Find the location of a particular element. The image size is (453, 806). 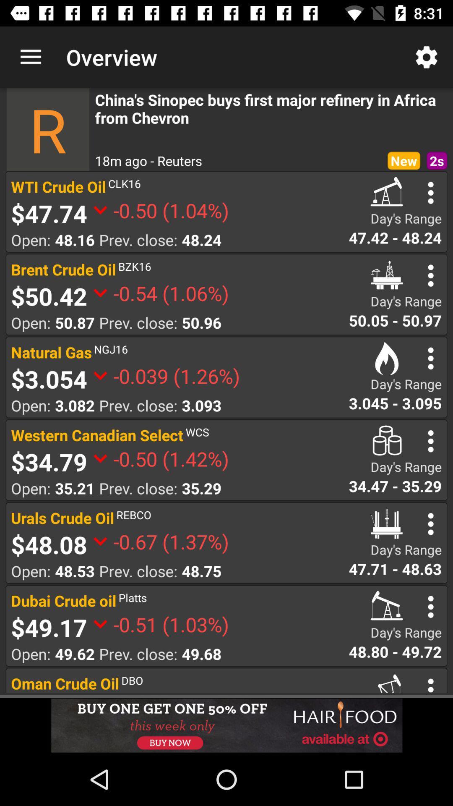

tap the option button to the right corner of oman crude oil is located at coordinates (431, 684).